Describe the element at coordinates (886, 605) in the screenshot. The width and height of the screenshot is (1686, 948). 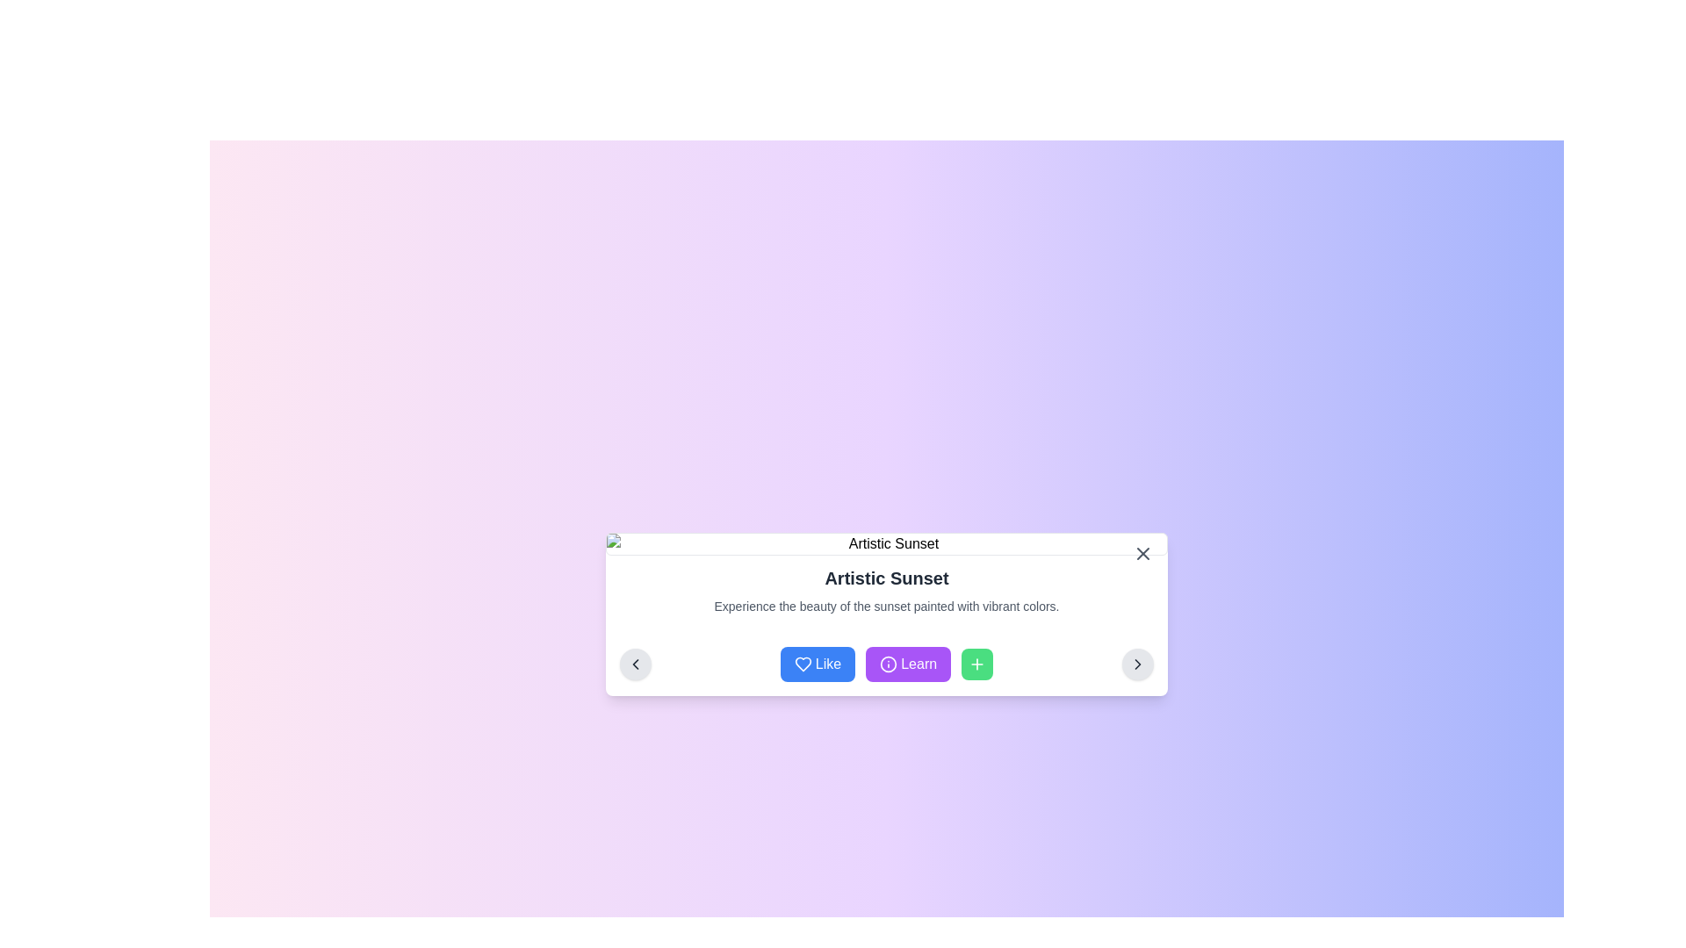
I see `the text element displaying 'Experience the beauty of the sunset painted with vibrant colors.' located below the title 'Artistic Sunset'` at that location.